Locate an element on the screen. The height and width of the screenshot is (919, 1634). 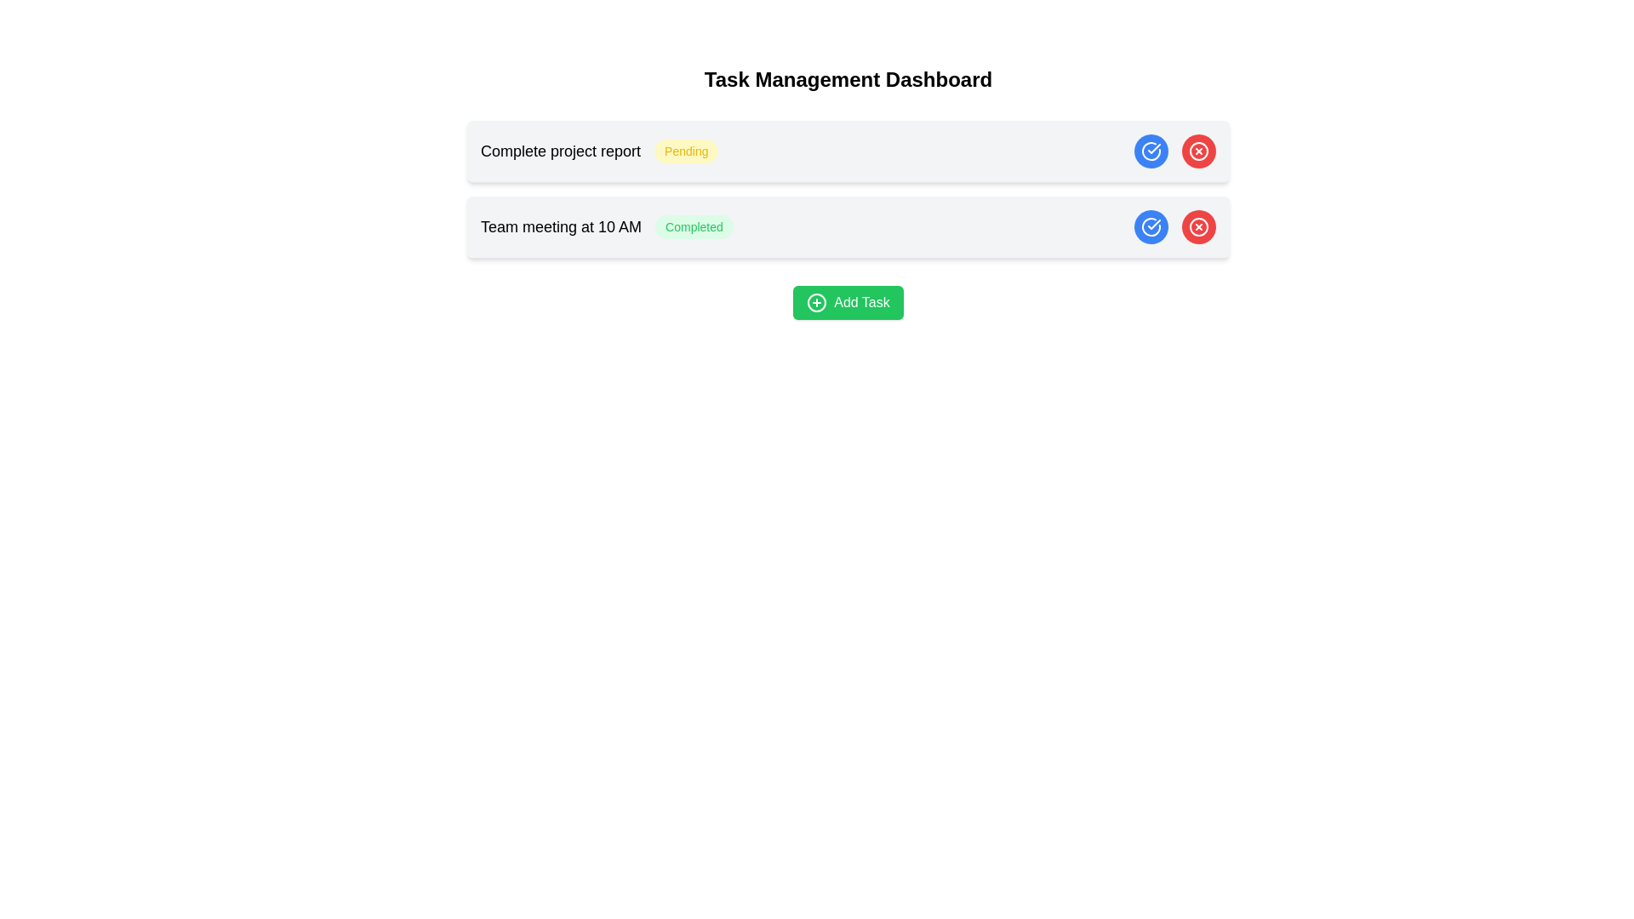
the button that marks the associated task as completed or approved, located in the first task row on the right-hand side is located at coordinates (1151, 150).